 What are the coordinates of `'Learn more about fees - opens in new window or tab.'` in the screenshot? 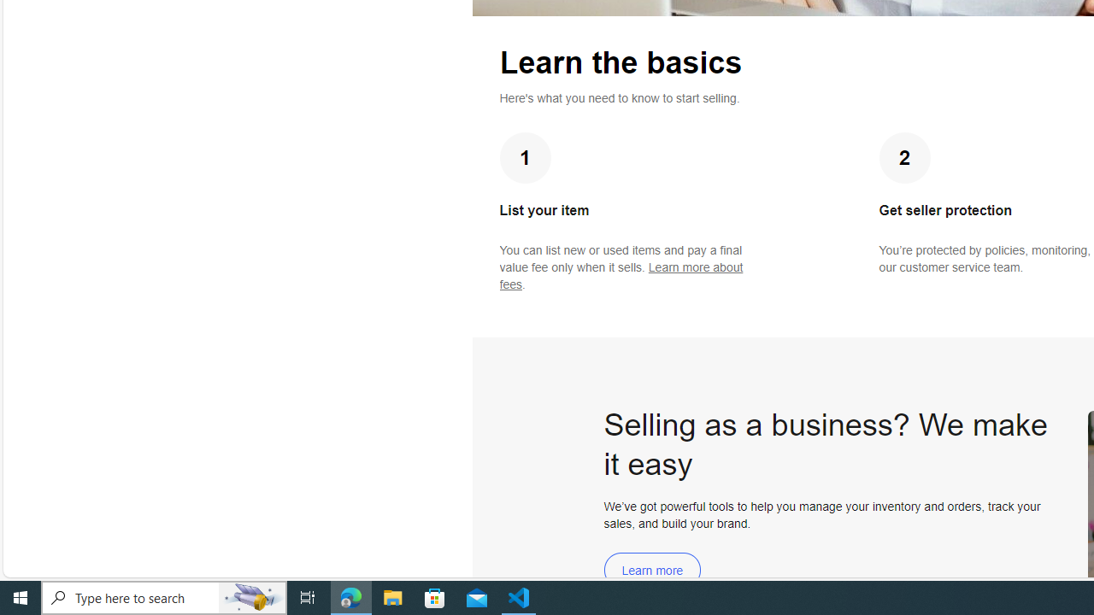 It's located at (621, 275).